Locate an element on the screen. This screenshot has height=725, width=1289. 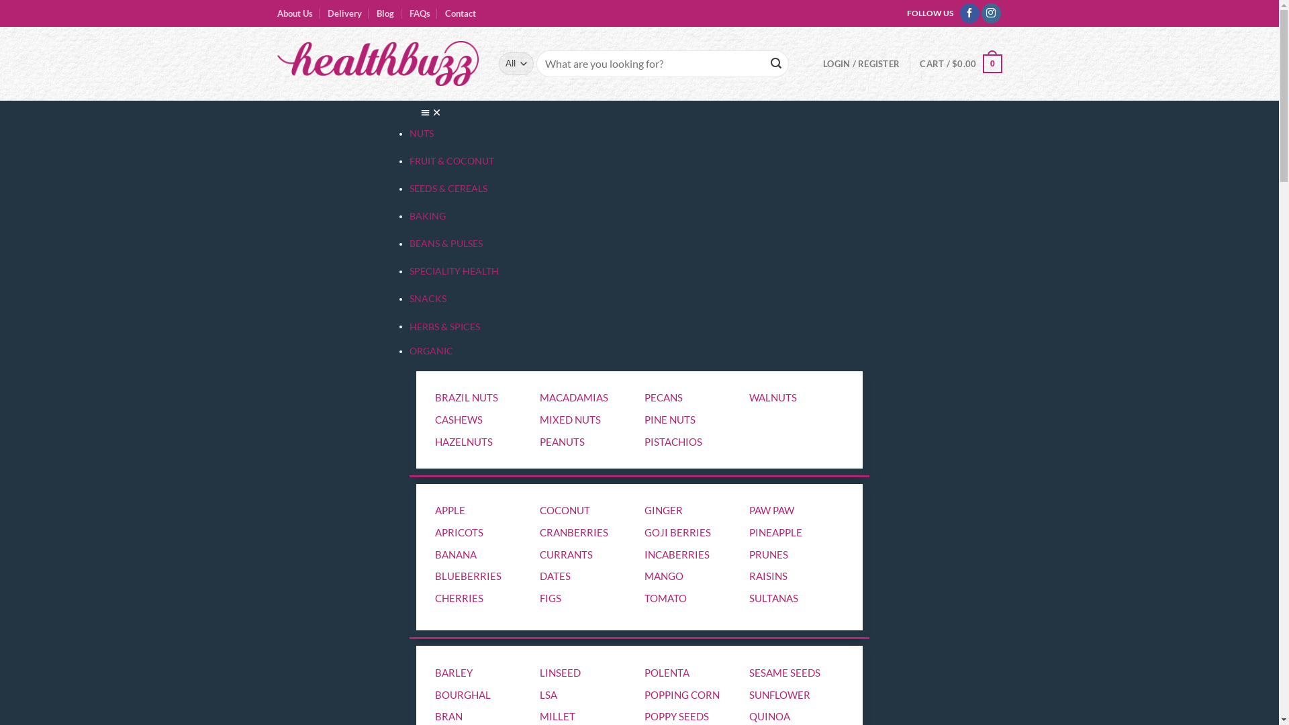
'CASHEWS' is located at coordinates (459, 418).